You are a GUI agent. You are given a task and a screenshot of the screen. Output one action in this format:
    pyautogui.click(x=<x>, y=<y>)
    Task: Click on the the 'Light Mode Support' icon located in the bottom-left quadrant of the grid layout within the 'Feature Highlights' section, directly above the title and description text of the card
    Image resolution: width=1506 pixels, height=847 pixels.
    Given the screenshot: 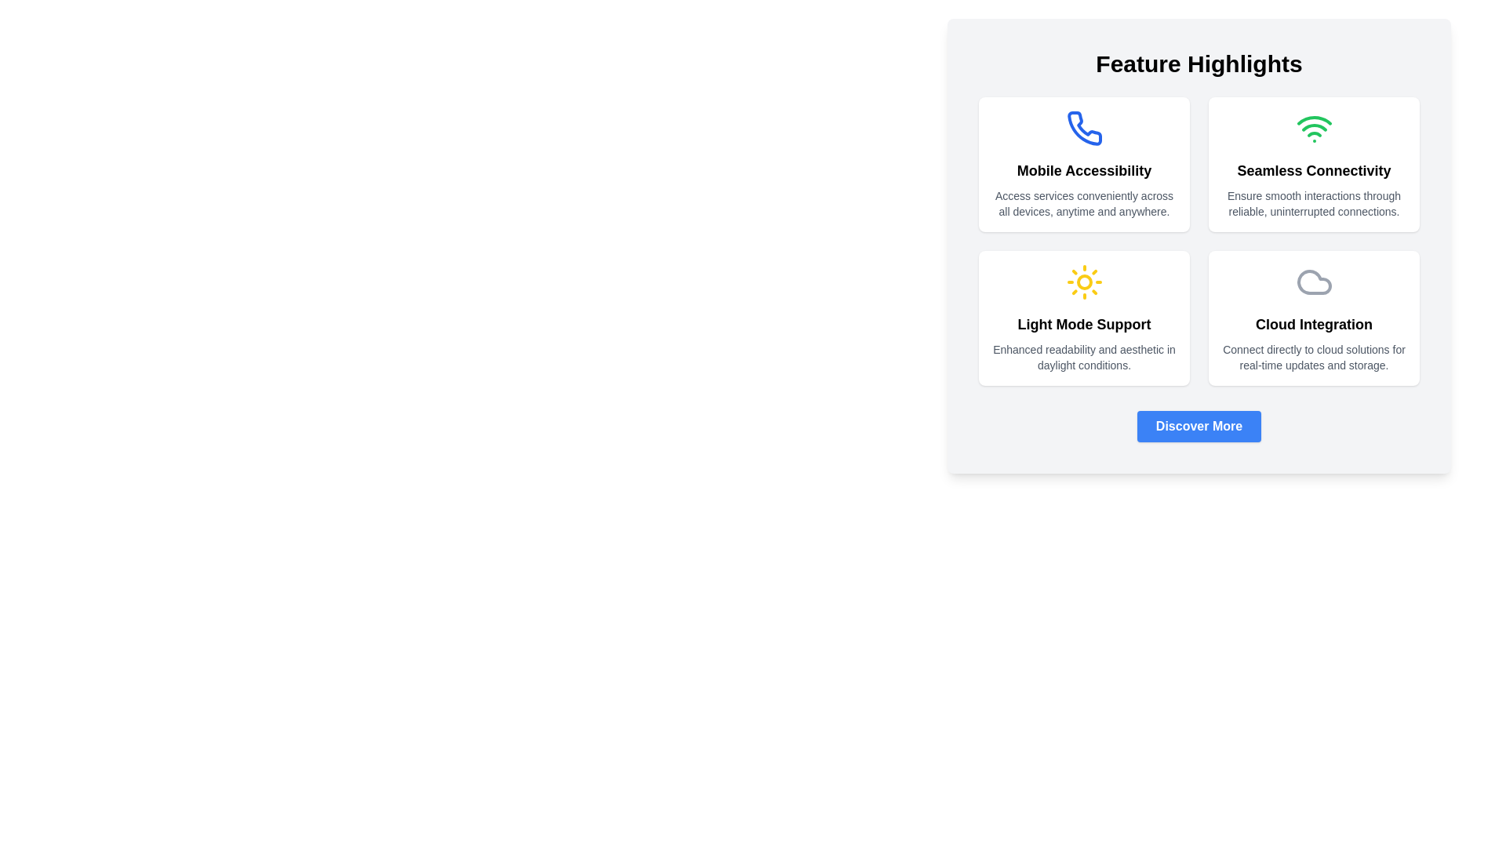 What is the action you would take?
    pyautogui.click(x=1083, y=281)
    